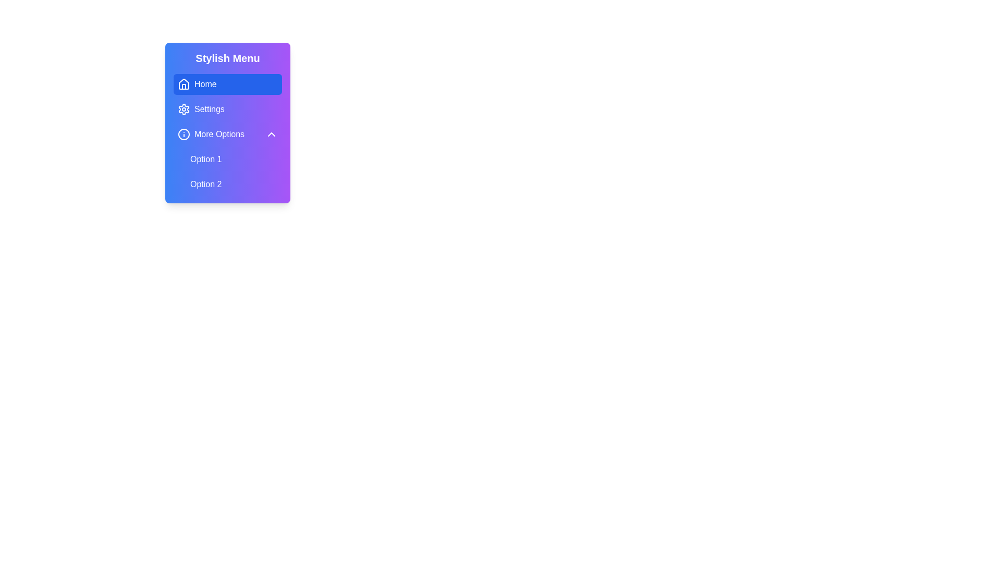 The image size is (1001, 563). I want to click on the 'More Options' text label, which features white text on a gradient blue and purple background, located under the 'Settings' option, so click(219, 134).